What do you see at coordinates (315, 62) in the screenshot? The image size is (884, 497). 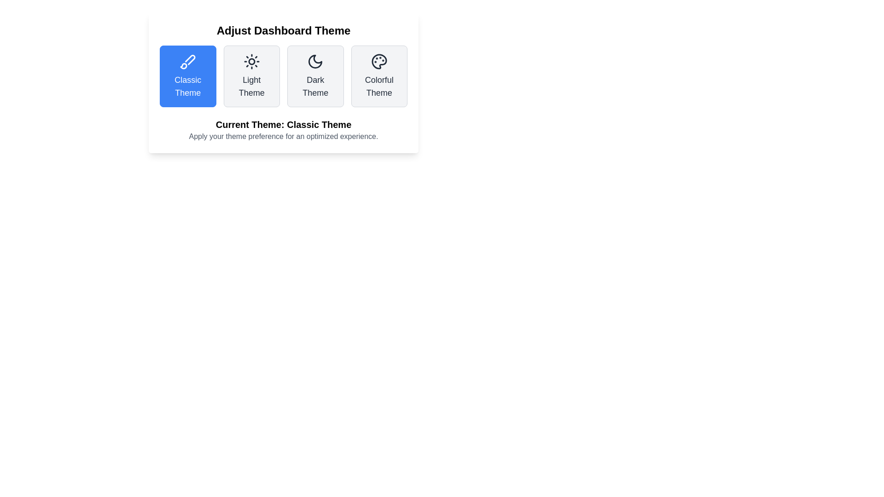 I see `the 'Dark Theme' icon located centrally in its tile above the 'Dark Theme' label` at bounding box center [315, 62].